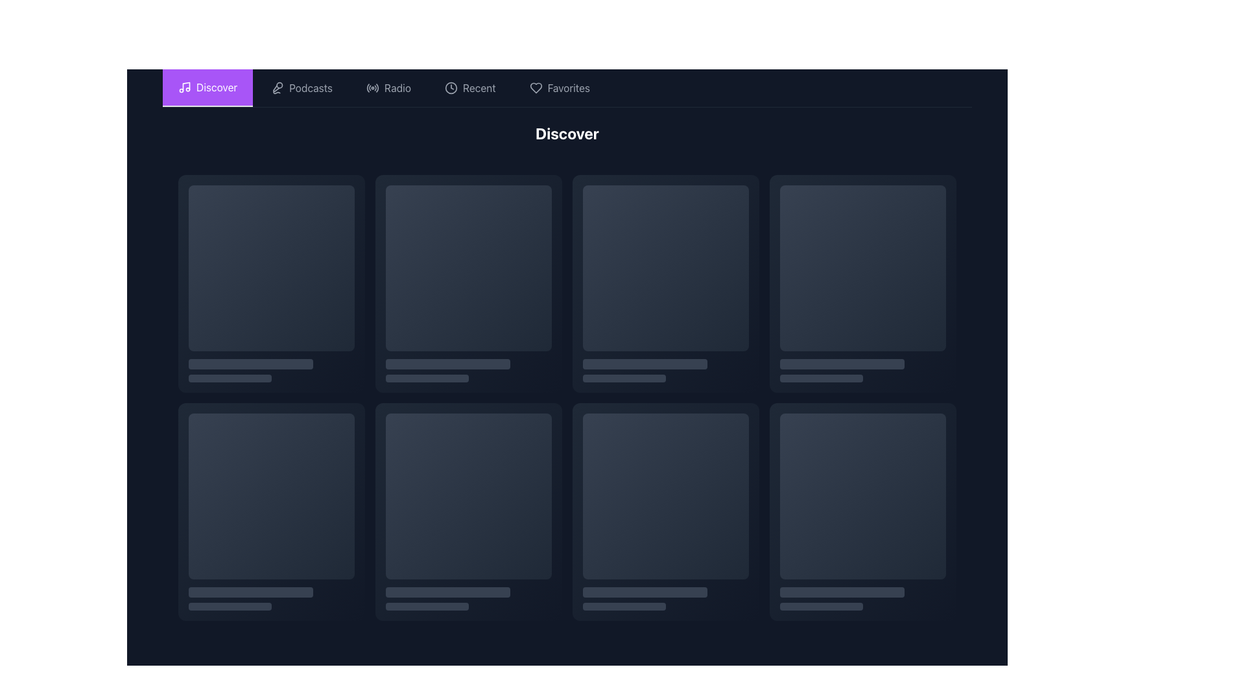 Image resolution: width=1245 pixels, height=700 pixels. I want to click on the Card component, which is a square card with a gradient background and rounded corners, located in the second row, fourth column of the grid layout, so click(666, 511).